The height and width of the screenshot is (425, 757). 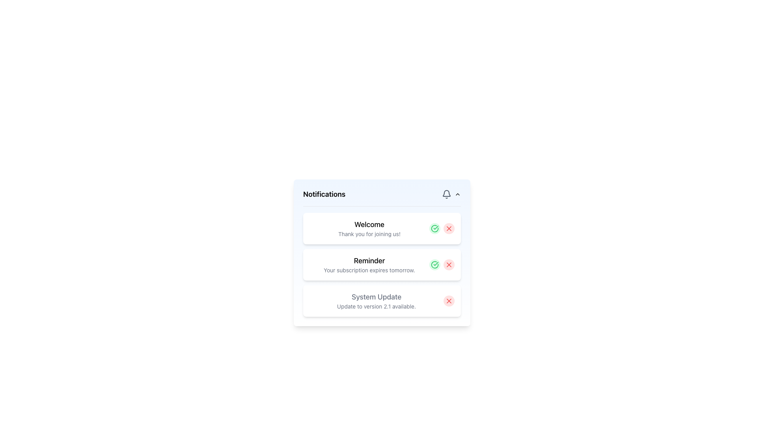 I want to click on the text label reading 'Update to version 2.1 available.' which is located below the 'System Update' text in the notification card, so click(x=376, y=306).